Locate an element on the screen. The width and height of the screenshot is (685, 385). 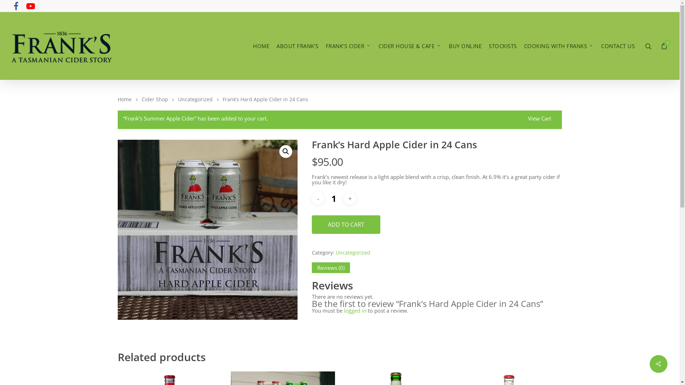
'Uncategorized' is located at coordinates (195, 99).